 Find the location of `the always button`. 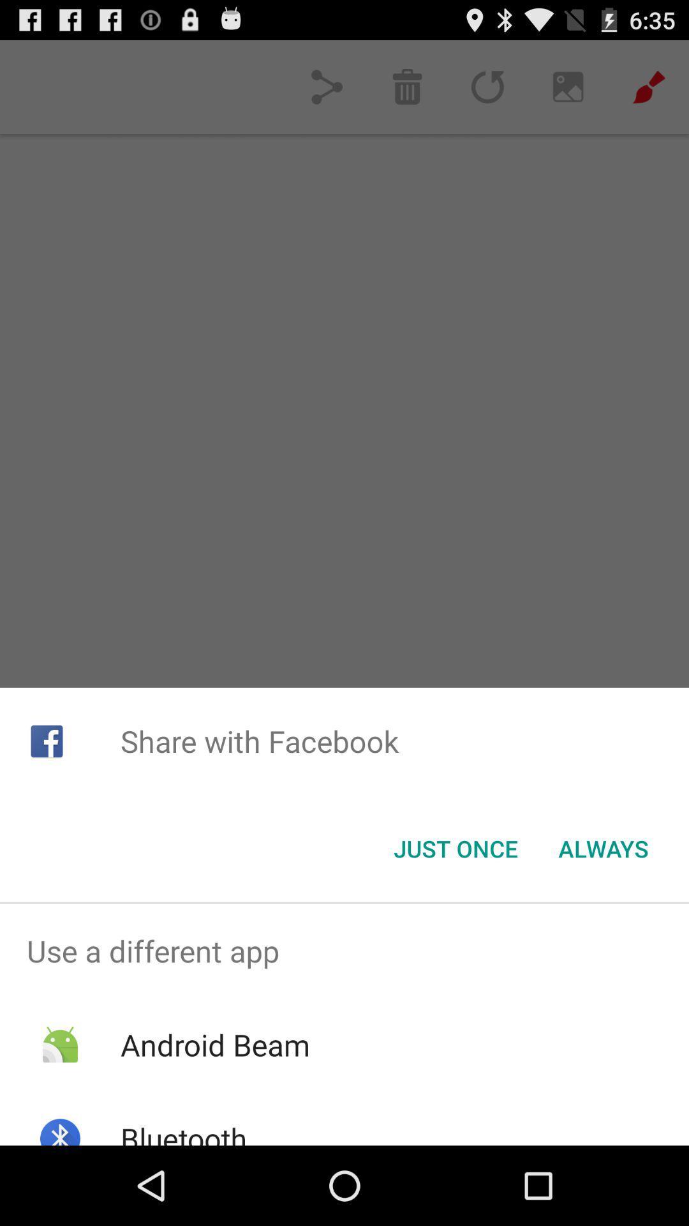

the always button is located at coordinates (603, 849).